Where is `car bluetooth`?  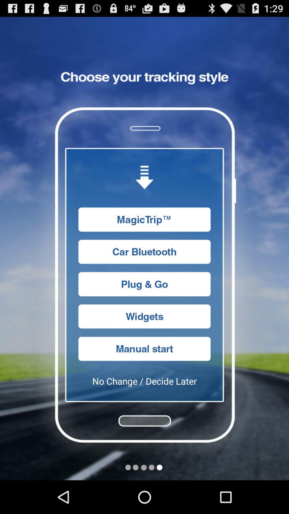
car bluetooth is located at coordinates (144, 251).